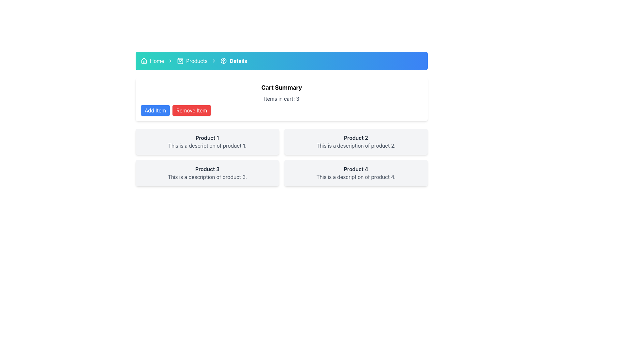  I want to click on the bold, dark text labeled 'Product 2', so click(355, 138).